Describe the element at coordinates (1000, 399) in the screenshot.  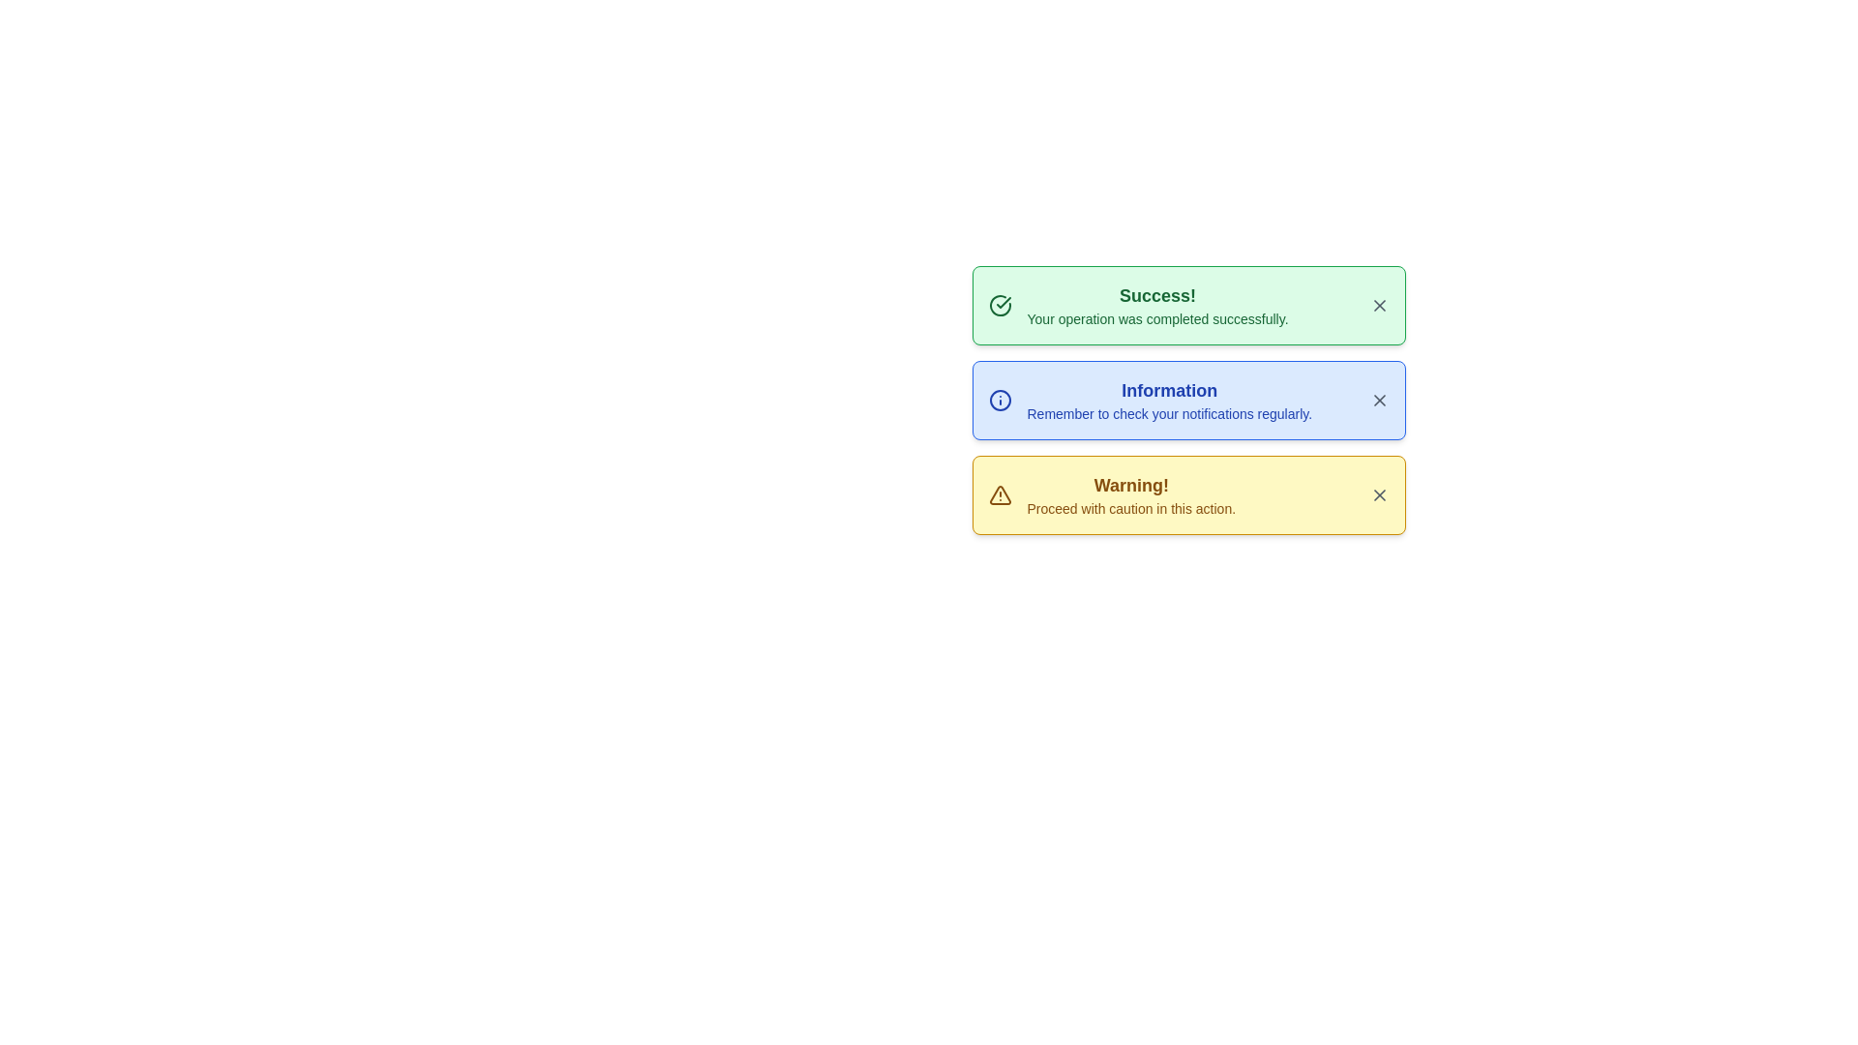
I see `the circular icon within the blue rectangular card labeled 'Information'` at that location.